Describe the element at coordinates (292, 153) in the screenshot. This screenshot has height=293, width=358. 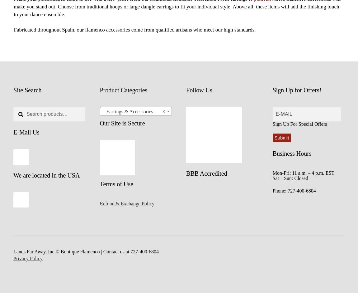
I see `'Business Hours'` at that location.